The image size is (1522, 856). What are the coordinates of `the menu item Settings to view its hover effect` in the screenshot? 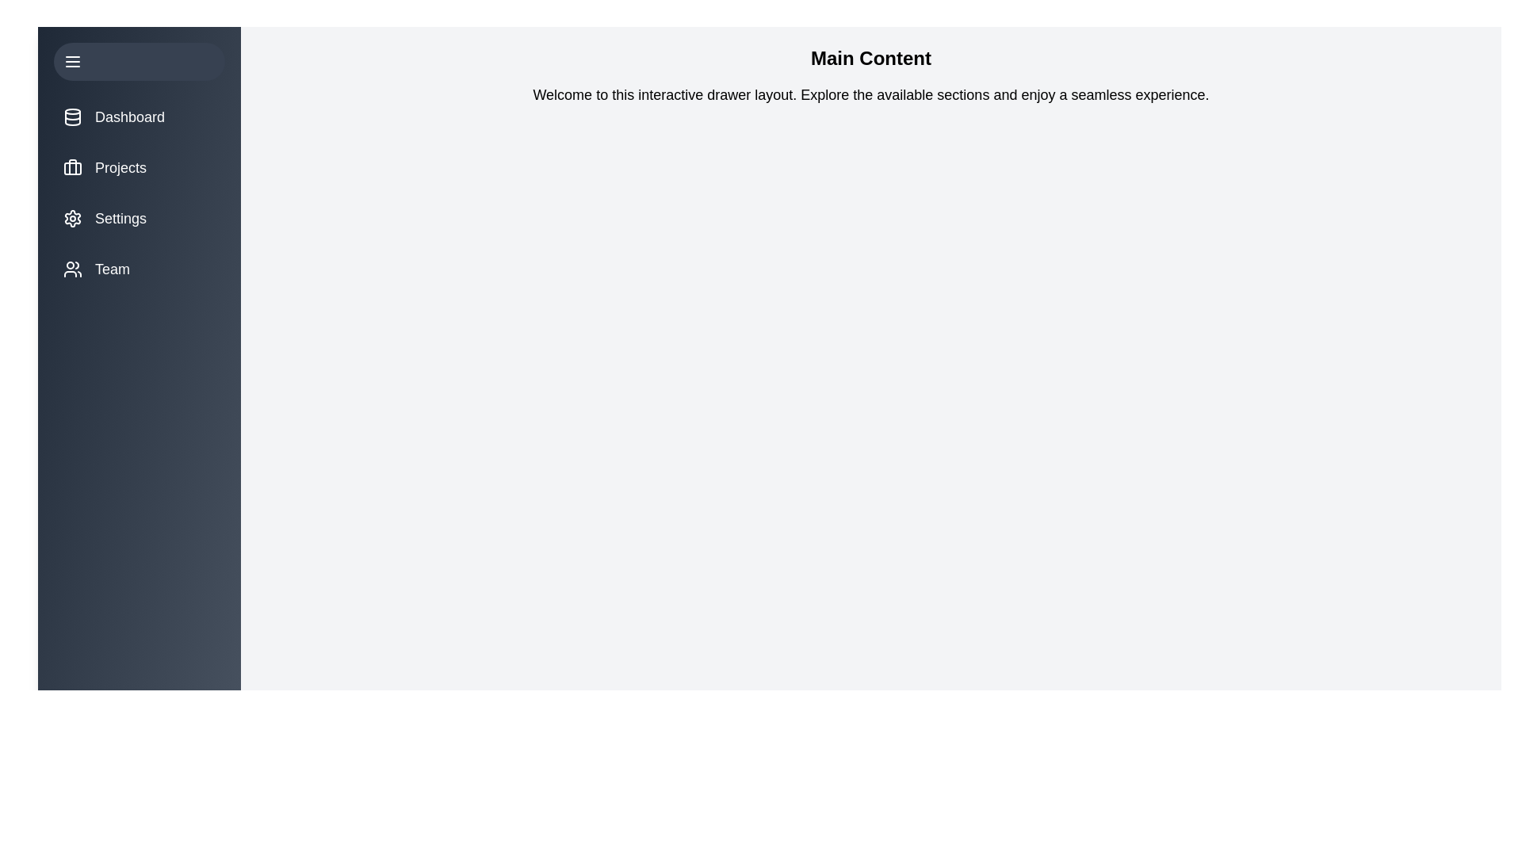 It's located at (140, 219).